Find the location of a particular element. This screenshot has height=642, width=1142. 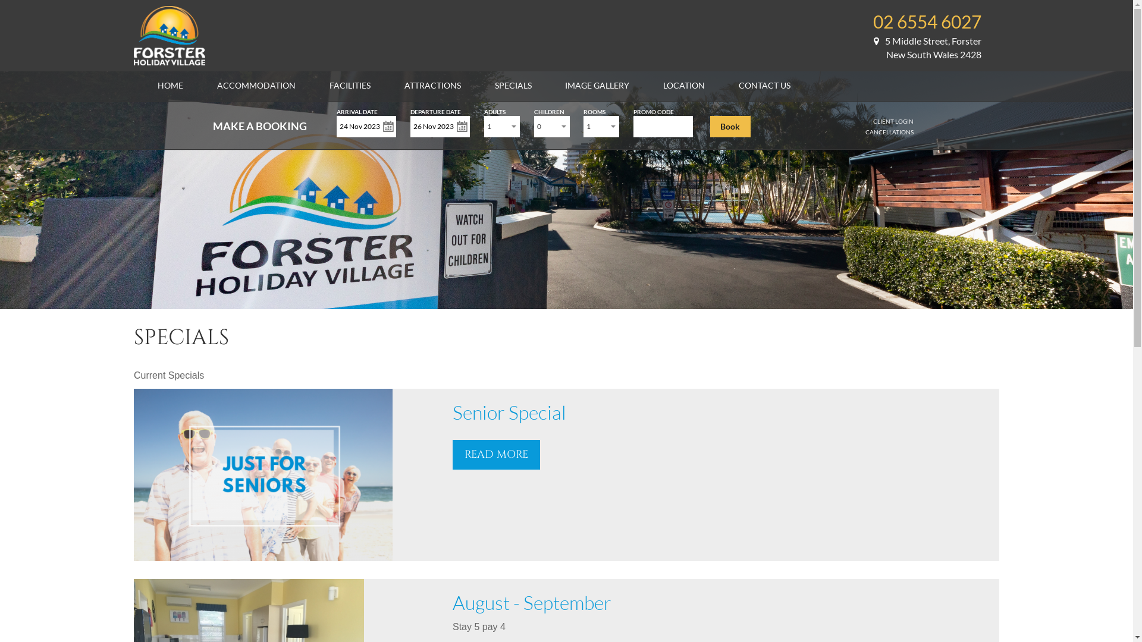

'IMAGE GALLERY' is located at coordinates (597, 84).